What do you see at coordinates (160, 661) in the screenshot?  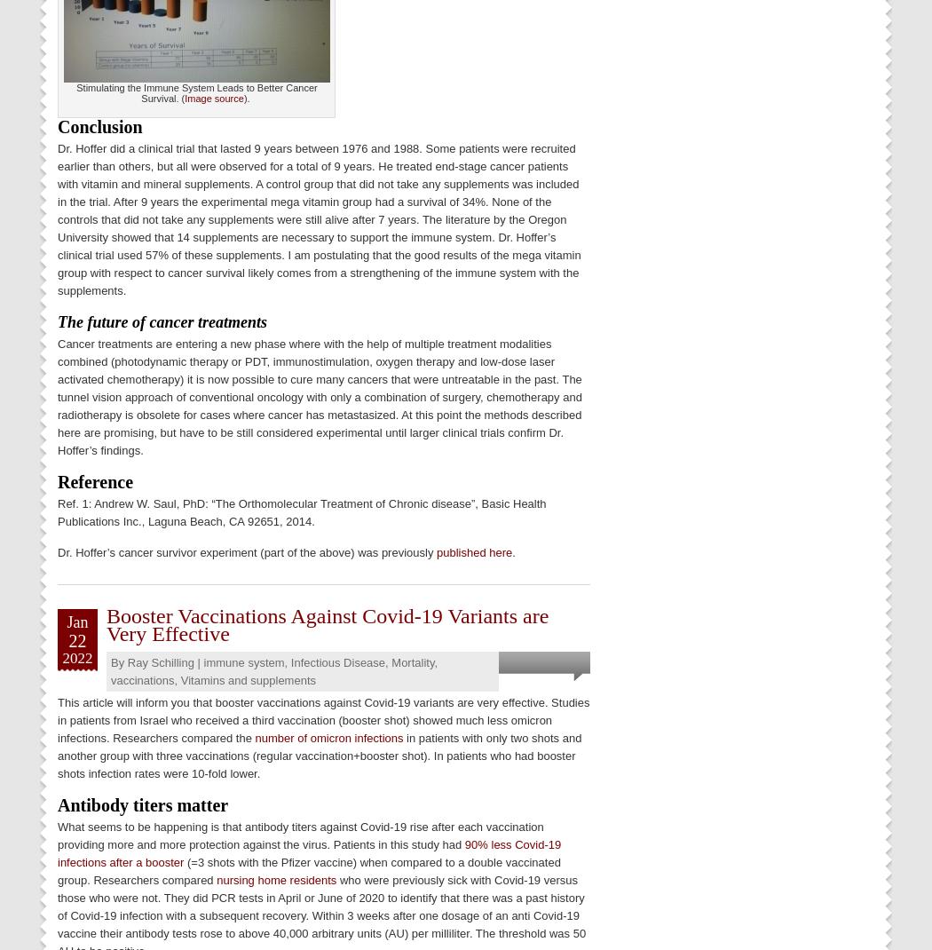 I see `'Ray Schilling'` at bounding box center [160, 661].